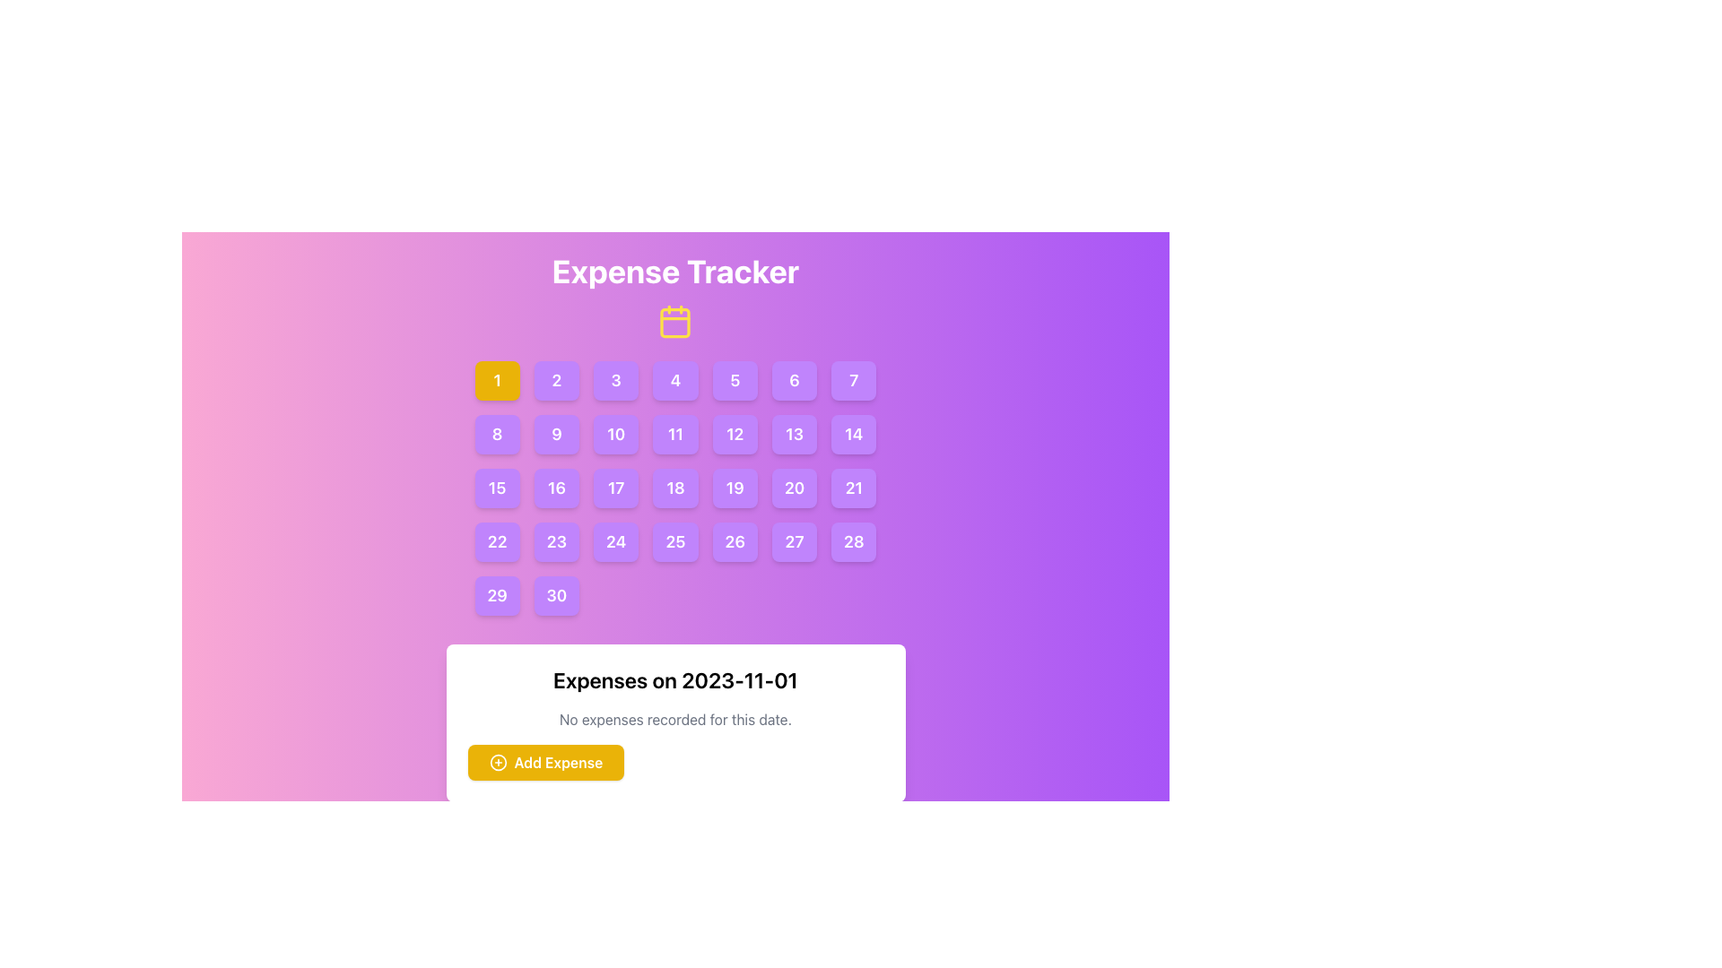  I want to click on the button representing the 30th day in the calendar grid, so click(555, 595).